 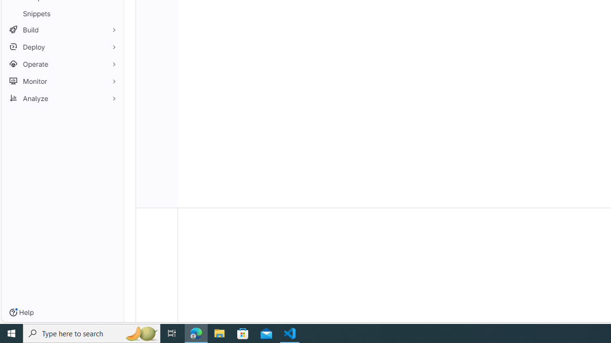 What do you see at coordinates (62, 13) in the screenshot?
I see `'Snippets'` at bounding box center [62, 13].